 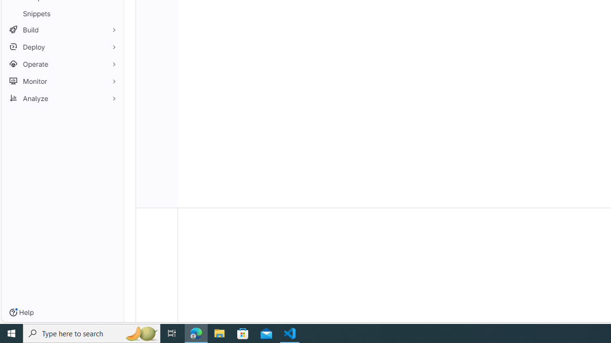 What do you see at coordinates (62, 13) in the screenshot?
I see `'Snippets'` at bounding box center [62, 13].